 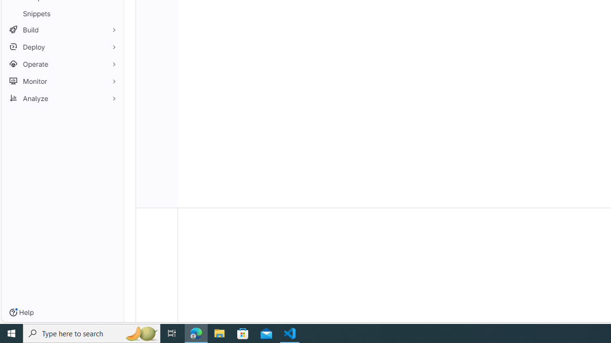 What do you see at coordinates (62, 13) in the screenshot?
I see `'Snippets'` at bounding box center [62, 13].